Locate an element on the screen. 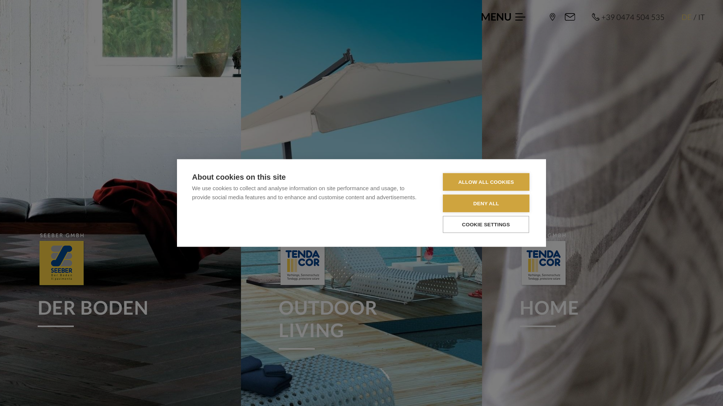 The image size is (723, 406). 'DE' is located at coordinates (686, 17).